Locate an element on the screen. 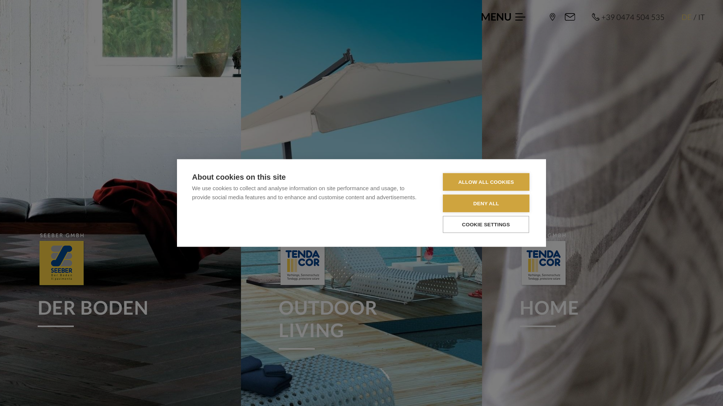 The image size is (723, 406). 'DE' is located at coordinates (686, 17).